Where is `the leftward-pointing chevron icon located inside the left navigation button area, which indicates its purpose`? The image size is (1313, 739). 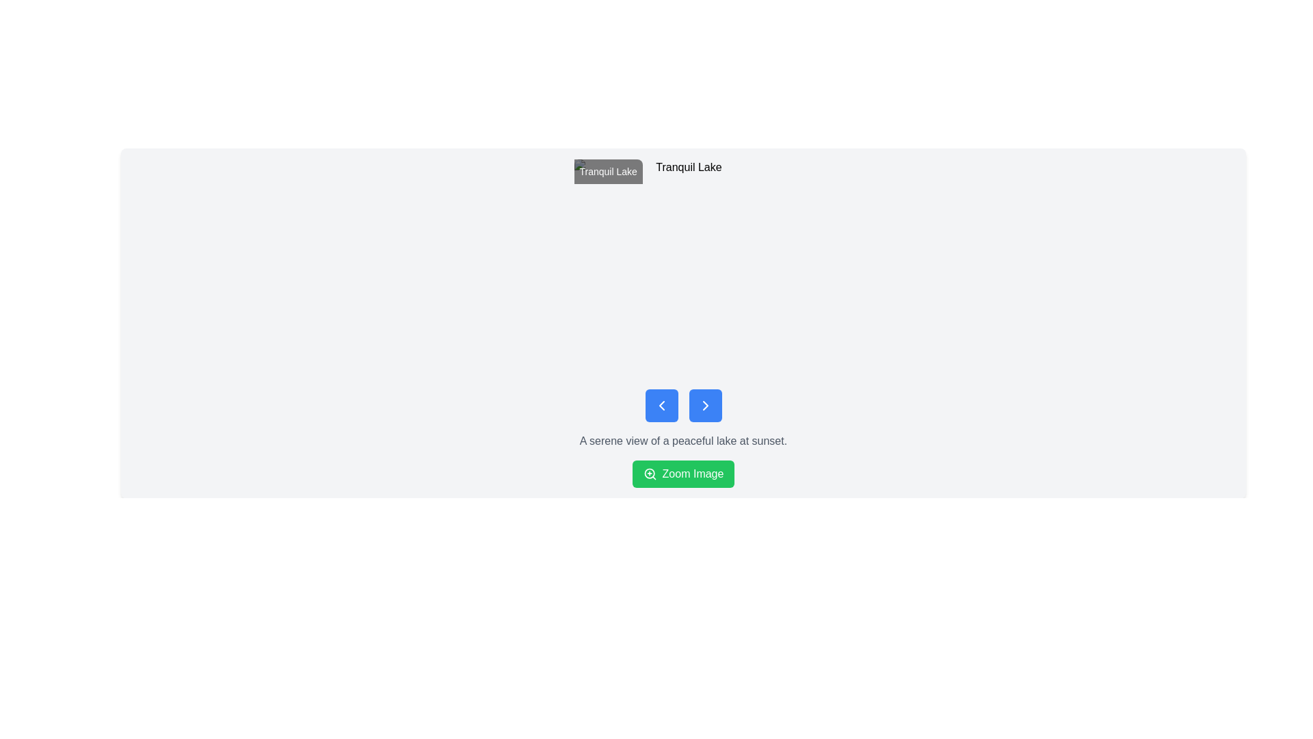 the leftward-pointing chevron icon located inside the left navigation button area, which indicates its purpose is located at coordinates (661, 405).